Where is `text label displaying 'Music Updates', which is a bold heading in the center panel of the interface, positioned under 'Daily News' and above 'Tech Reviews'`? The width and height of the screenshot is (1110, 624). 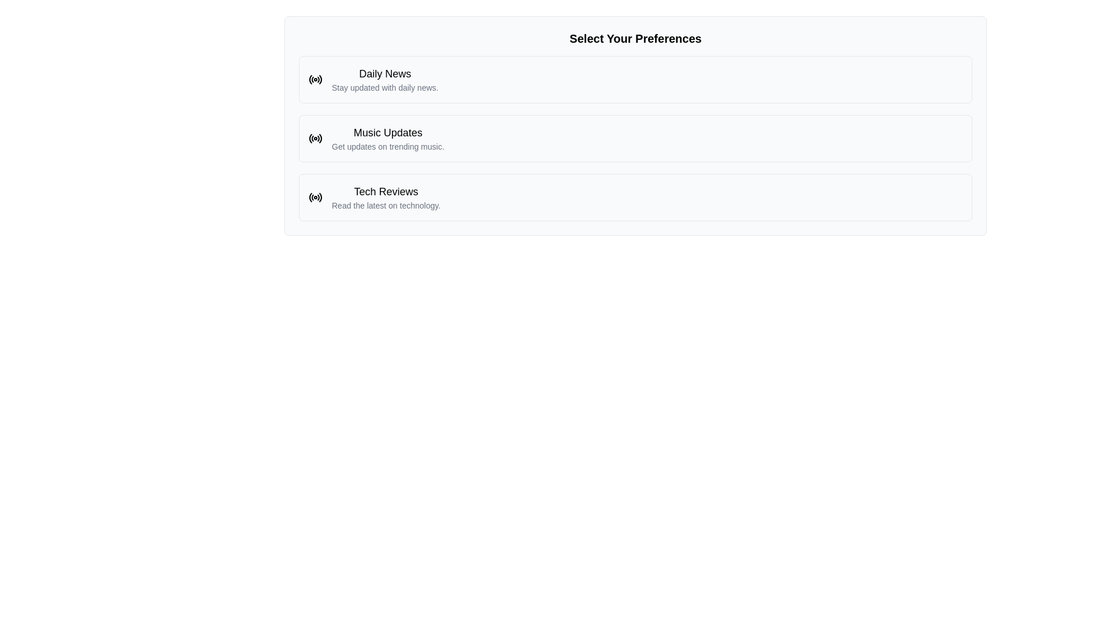 text label displaying 'Music Updates', which is a bold heading in the center panel of the interface, positioned under 'Daily News' and above 'Tech Reviews' is located at coordinates (388, 132).